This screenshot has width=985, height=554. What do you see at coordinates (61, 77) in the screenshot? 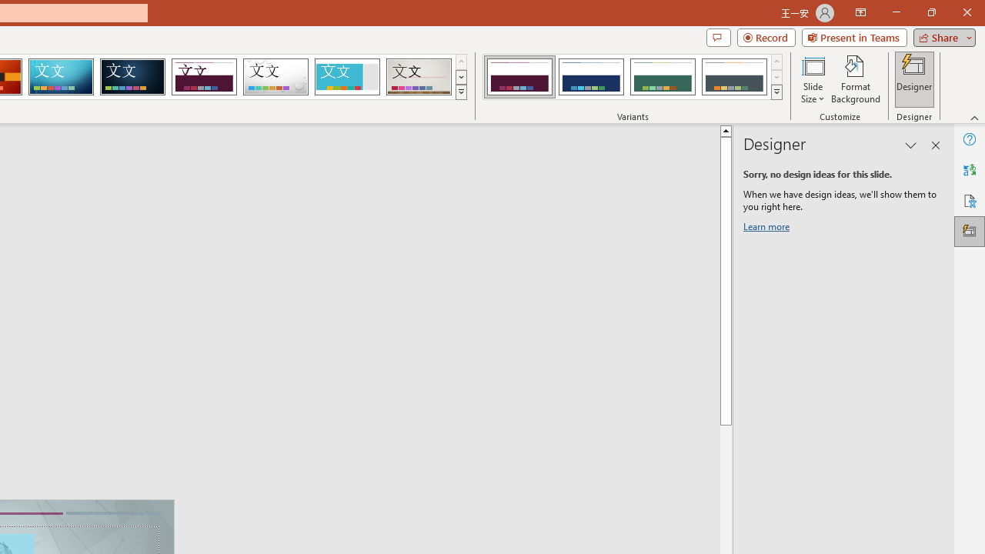
I see `'Circuit'` at bounding box center [61, 77].